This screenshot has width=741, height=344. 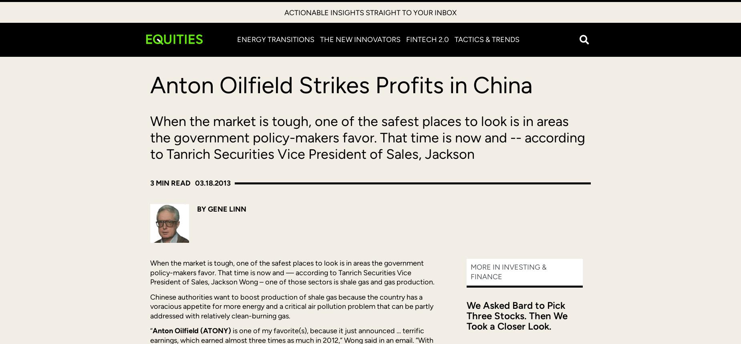 What do you see at coordinates (466, 315) in the screenshot?
I see `'We Asked Bard to Pick Three Stocks. Then We Took a Closer Look.'` at bounding box center [466, 315].